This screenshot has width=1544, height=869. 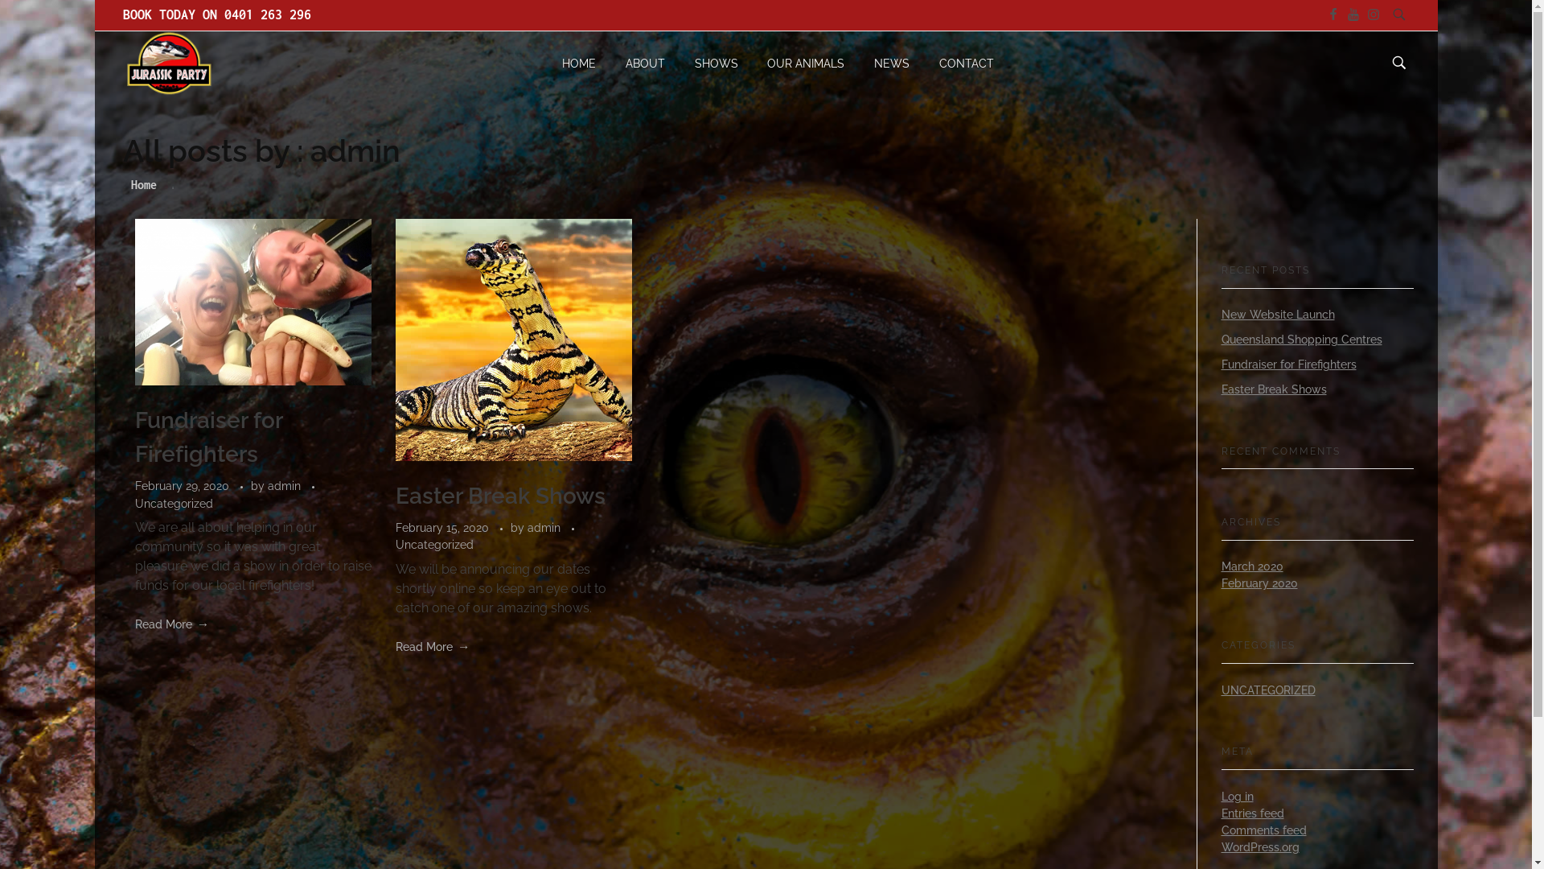 I want to click on 'New Website Launch', so click(x=1276, y=314).